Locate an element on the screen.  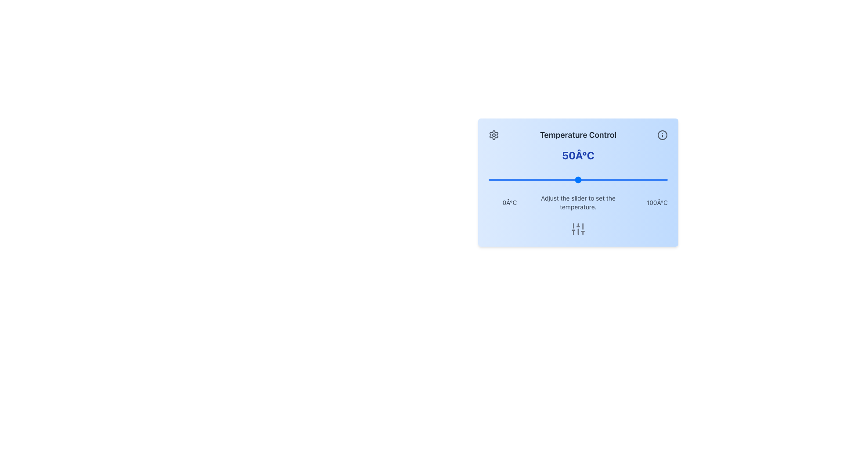
the graphical icon at the bottom of the 'Temperature Control' card, which represents decorative sliders for temperature adjustment is located at coordinates (578, 228).